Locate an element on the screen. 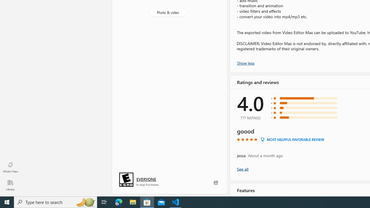  'Show all ratings and reviews' is located at coordinates (243, 169).